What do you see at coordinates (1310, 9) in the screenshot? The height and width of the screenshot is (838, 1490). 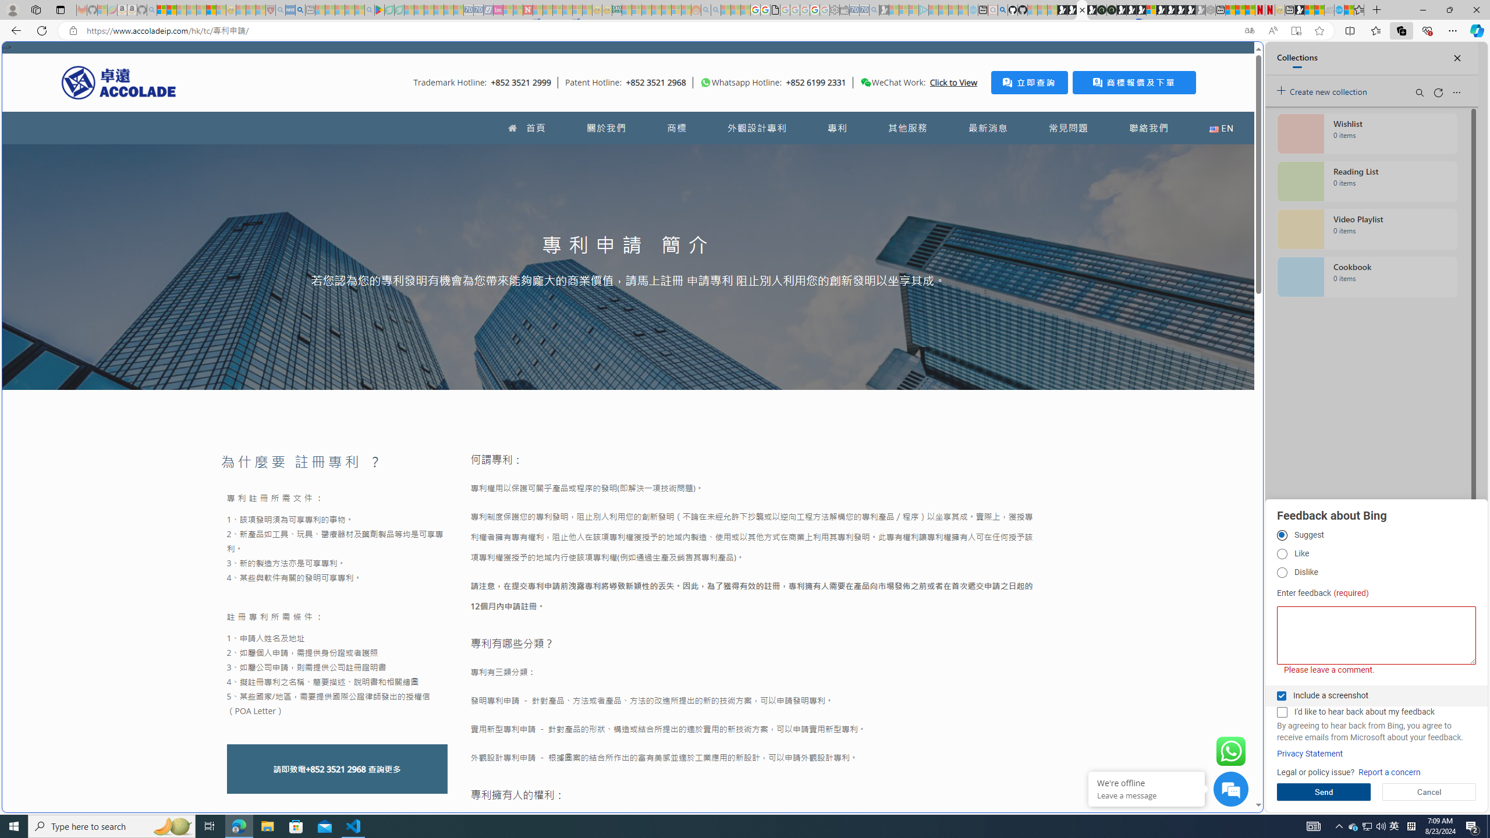 I see `'World - MSN'` at bounding box center [1310, 9].